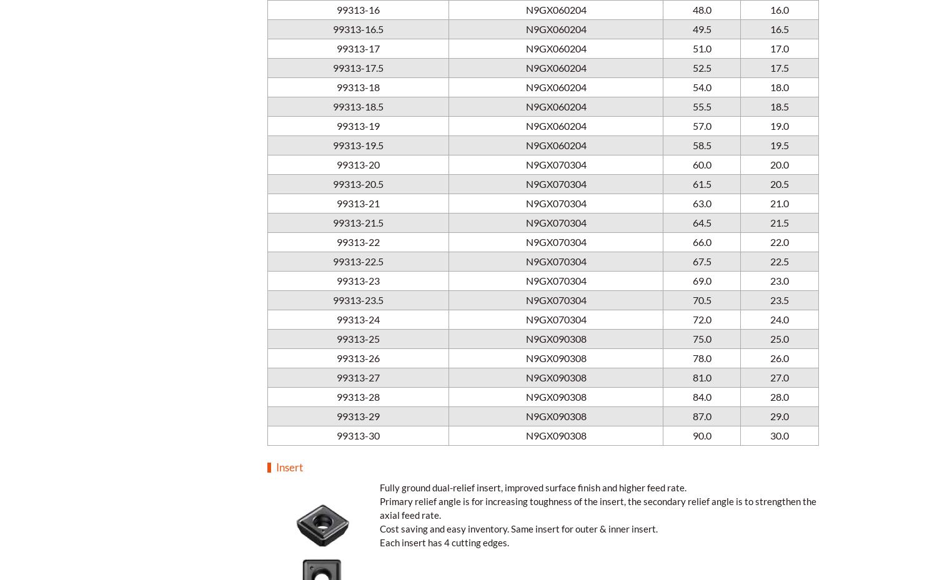 The image size is (937, 580). Describe the element at coordinates (357, 279) in the screenshot. I see `'99313-23'` at that location.